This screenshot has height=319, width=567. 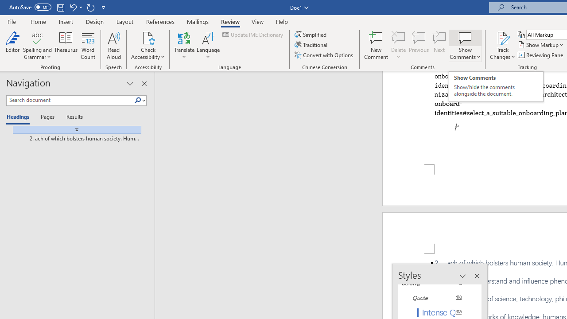 What do you see at coordinates (37, 46) in the screenshot?
I see `'Spelling and Grammar'` at bounding box center [37, 46].